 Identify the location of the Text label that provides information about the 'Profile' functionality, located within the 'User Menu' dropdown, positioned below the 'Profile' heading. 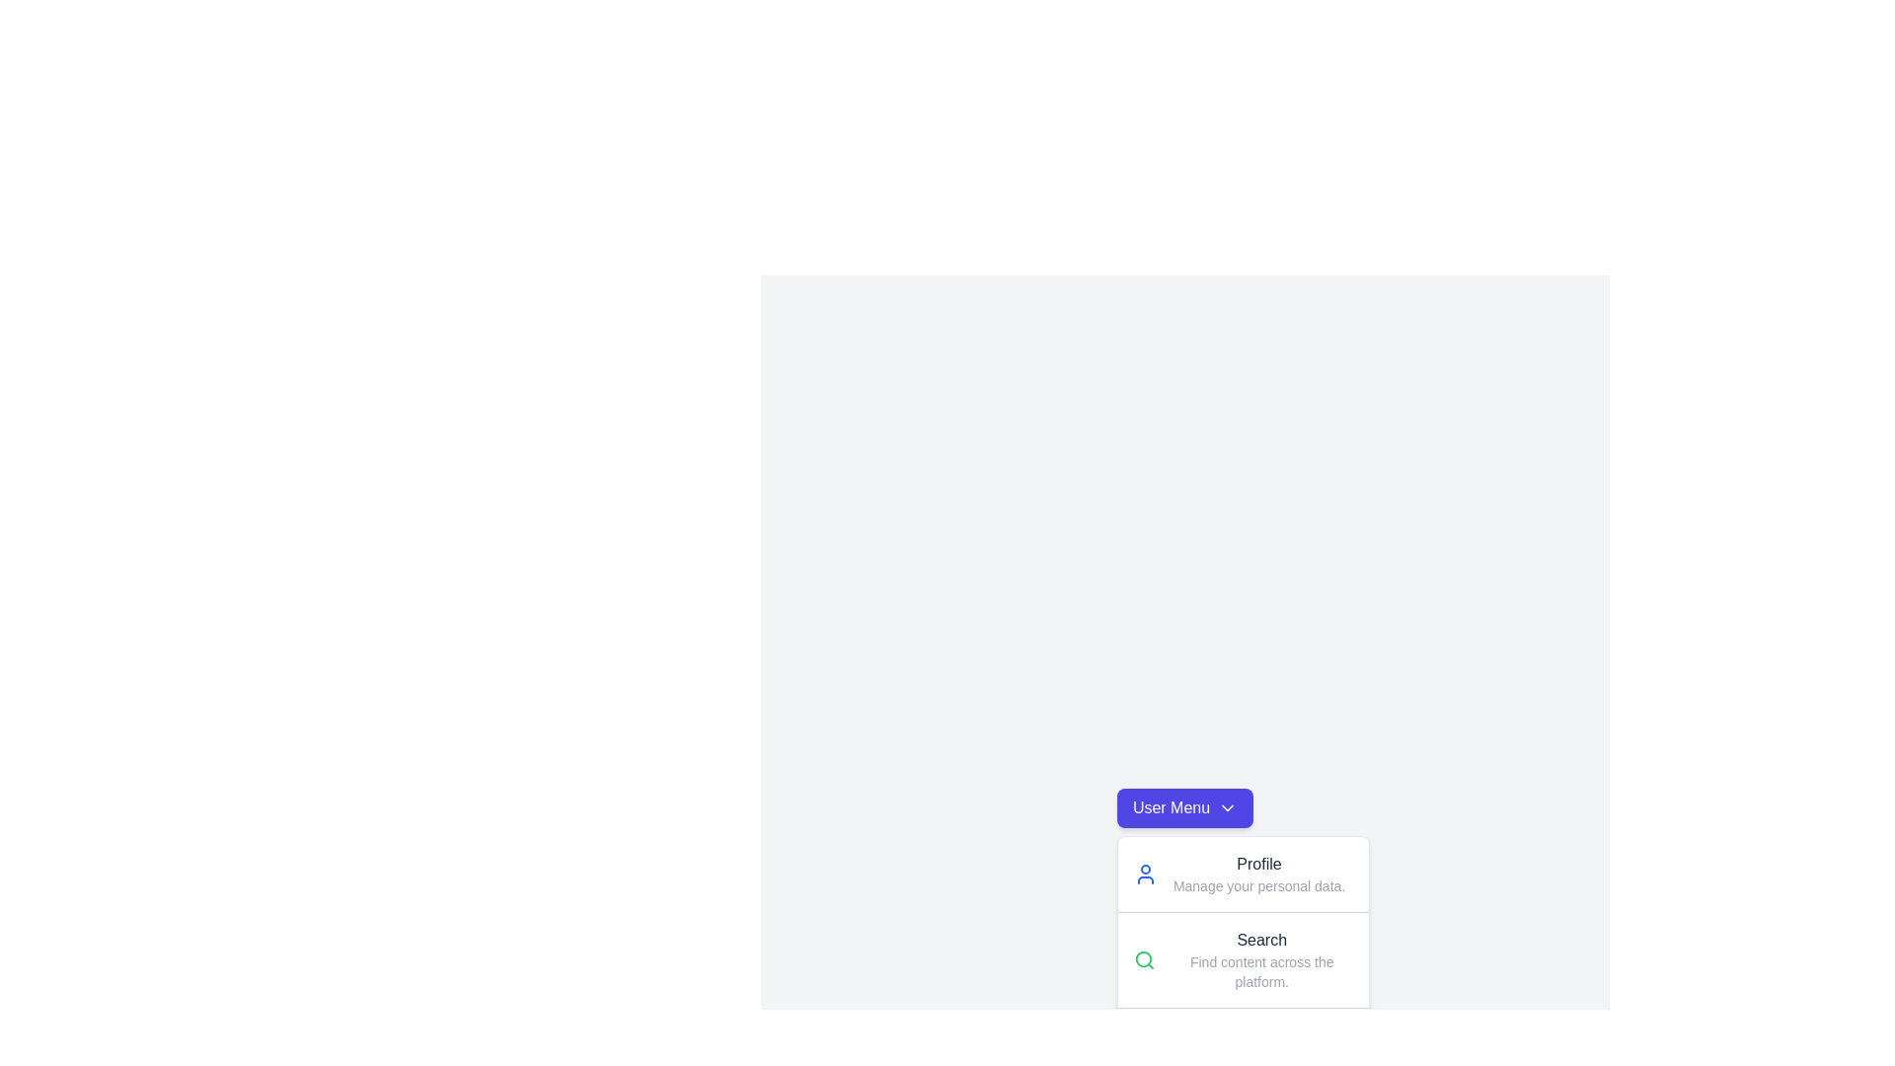
(1258, 885).